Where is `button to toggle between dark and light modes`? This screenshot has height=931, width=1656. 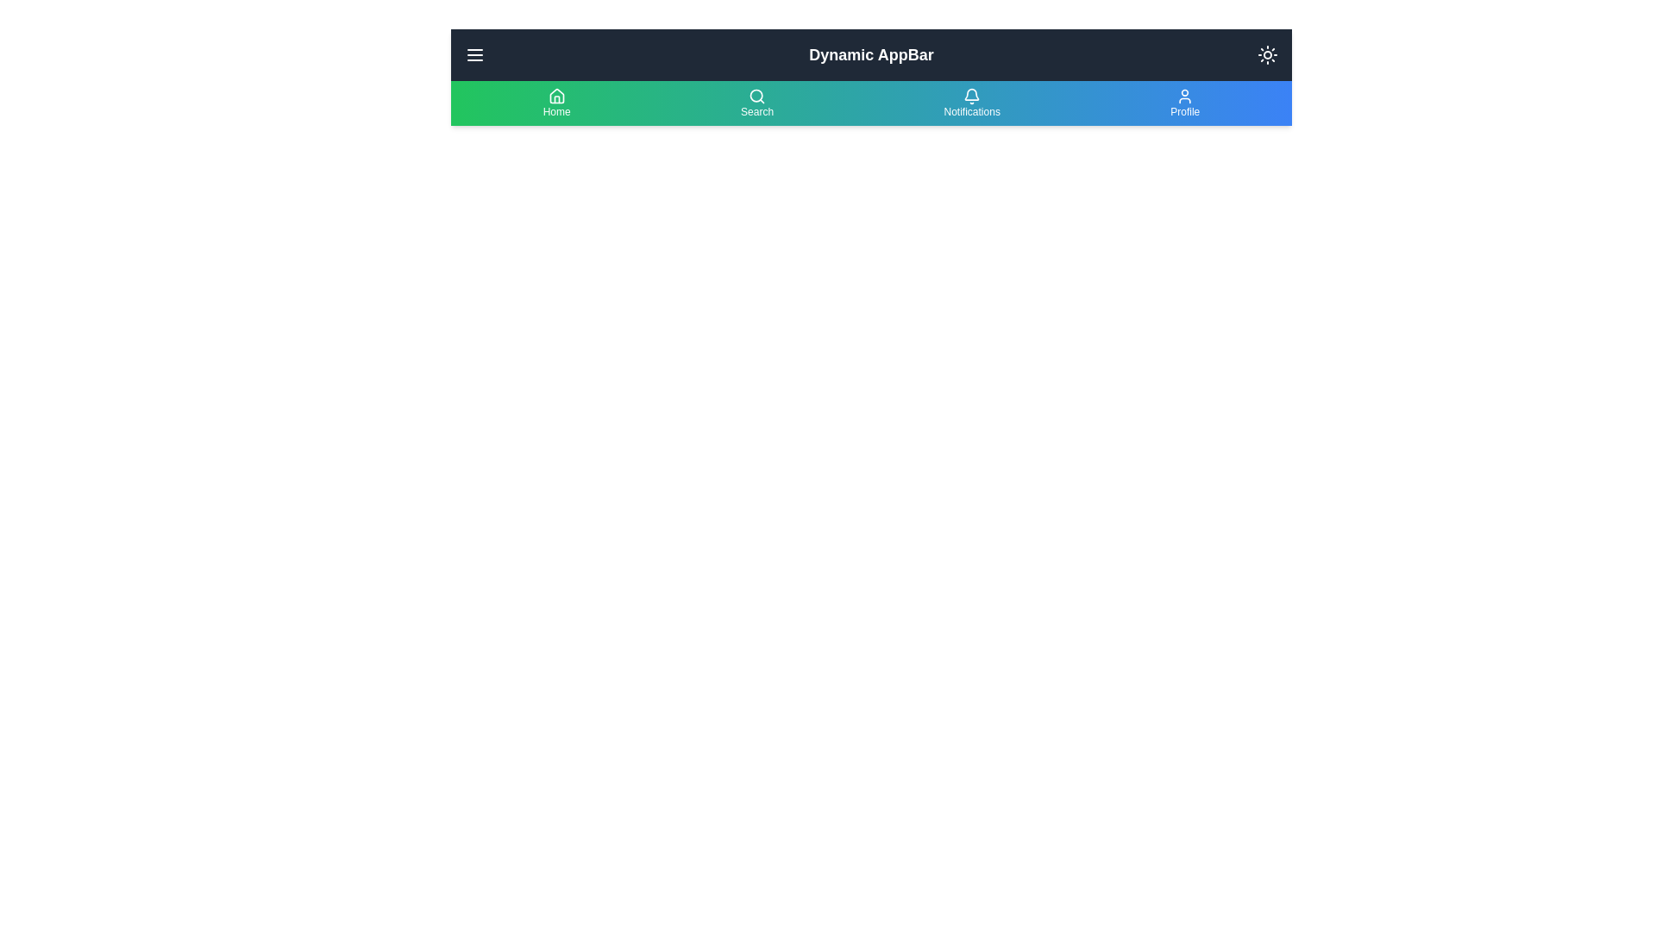
button to toggle between dark and light modes is located at coordinates (1267, 54).